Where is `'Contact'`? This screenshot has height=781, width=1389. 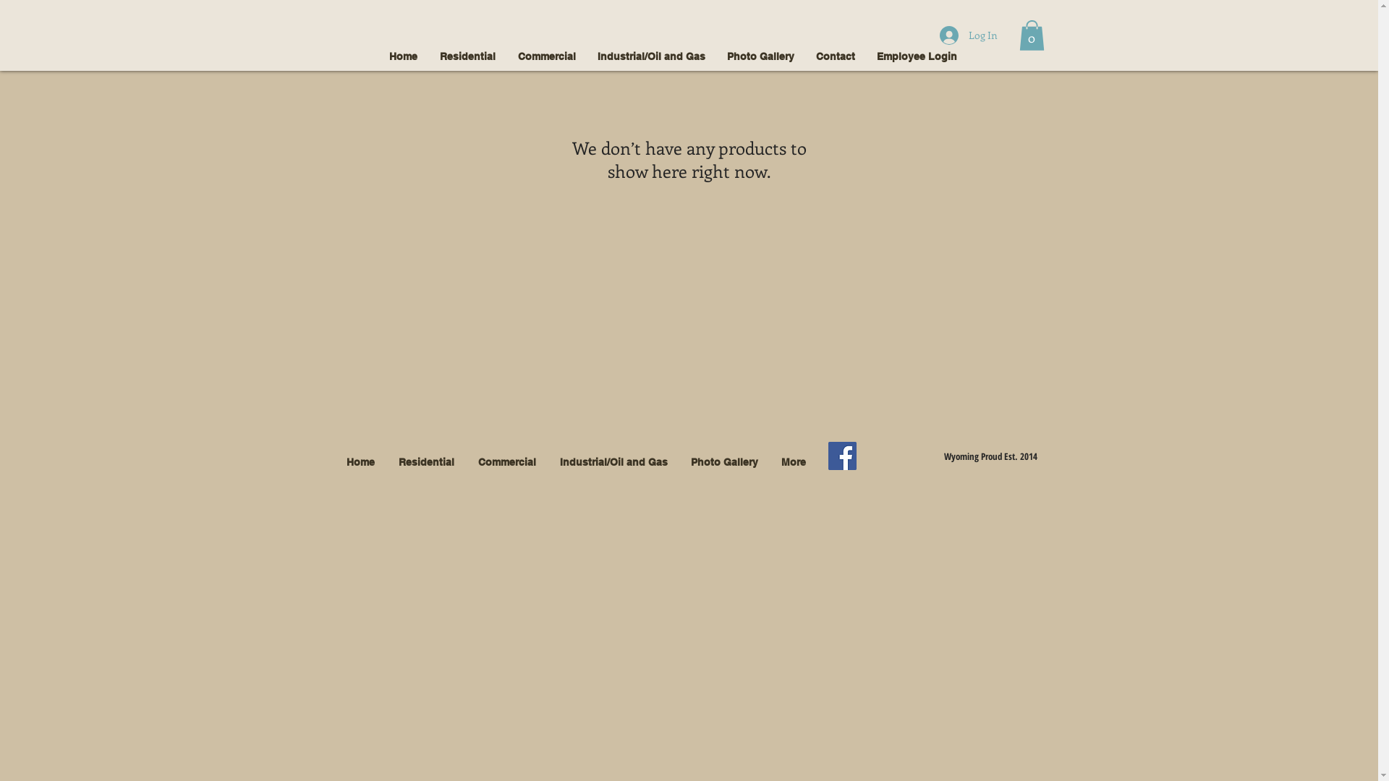 'Contact' is located at coordinates (834, 55).